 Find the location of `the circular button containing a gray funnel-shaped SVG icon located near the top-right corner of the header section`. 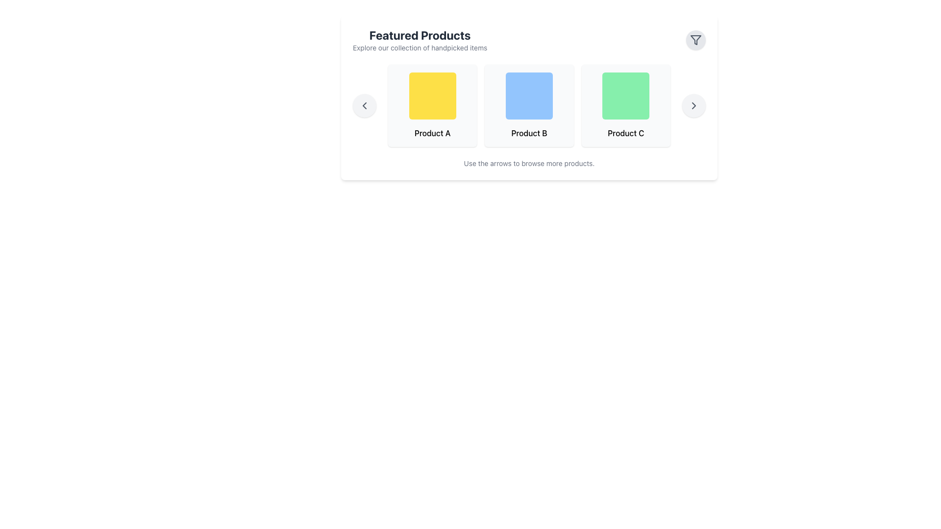

the circular button containing a gray funnel-shaped SVG icon located near the top-right corner of the header section is located at coordinates (695, 39).